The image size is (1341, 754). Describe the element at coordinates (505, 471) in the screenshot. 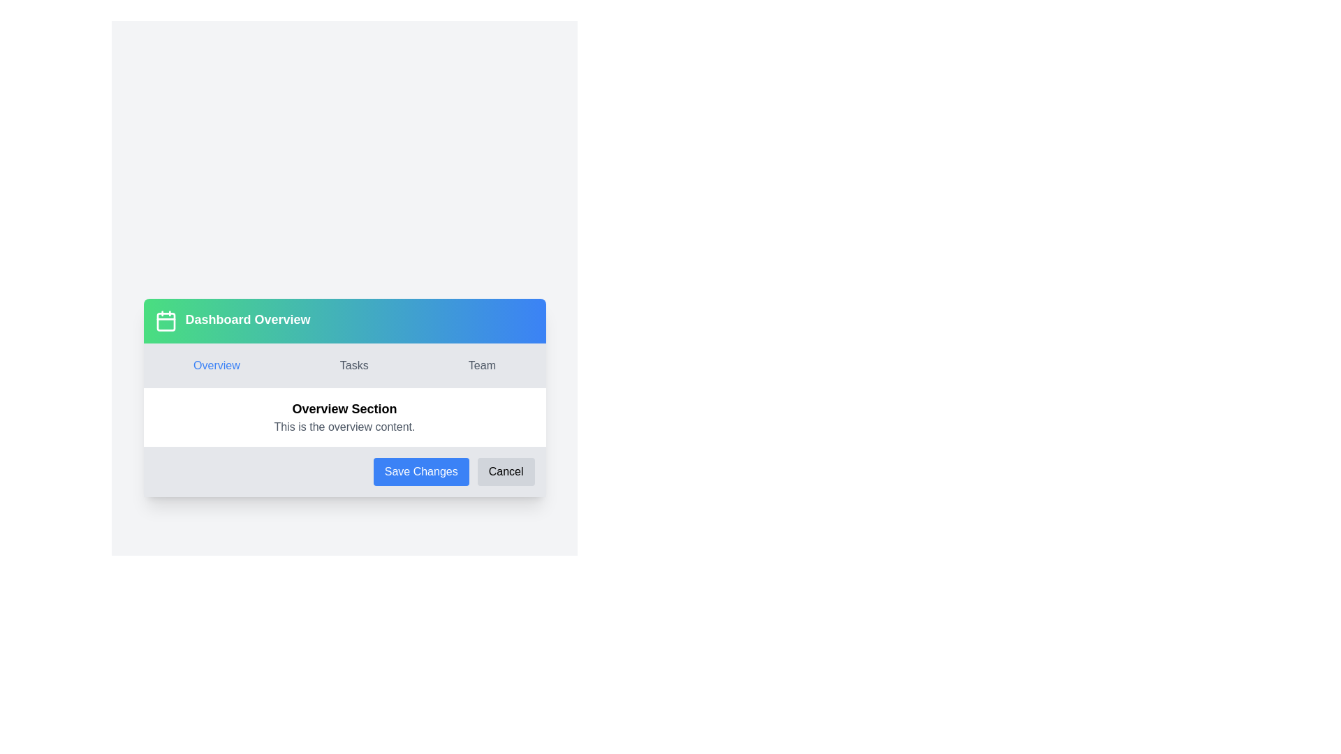

I see `the cancel button located at the bottom right of the section to change its background color` at that location.